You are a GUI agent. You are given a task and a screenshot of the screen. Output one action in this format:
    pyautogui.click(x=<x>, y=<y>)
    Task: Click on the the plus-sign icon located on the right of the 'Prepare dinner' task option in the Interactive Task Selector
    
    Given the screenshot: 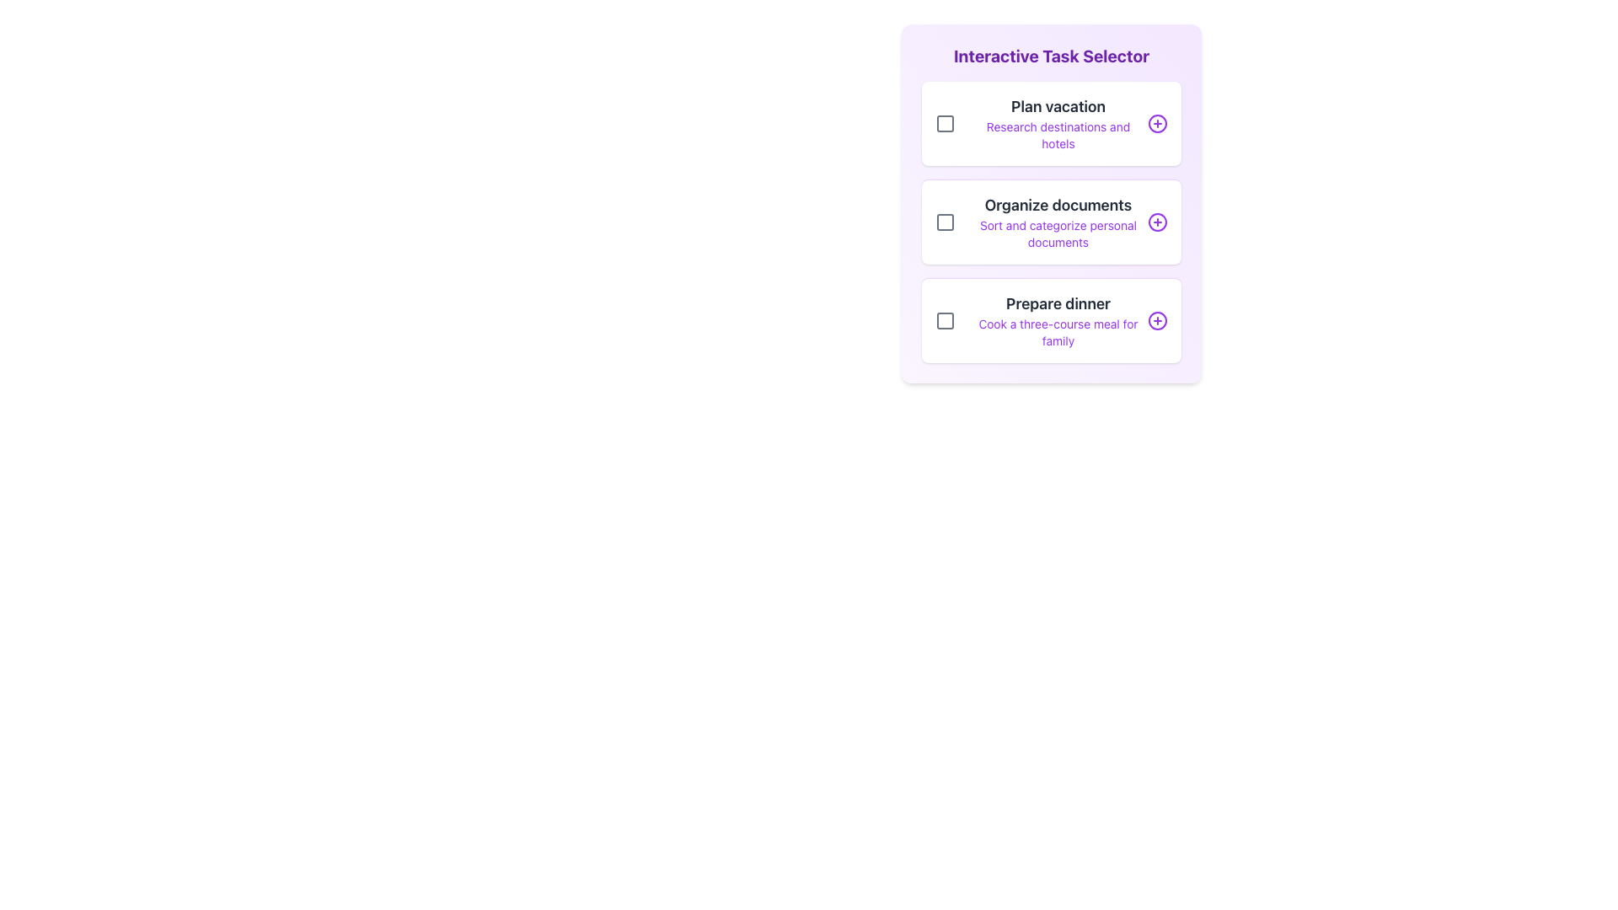 What is the action you would take?
    pyautogui.click(x=1156, y=321)
    